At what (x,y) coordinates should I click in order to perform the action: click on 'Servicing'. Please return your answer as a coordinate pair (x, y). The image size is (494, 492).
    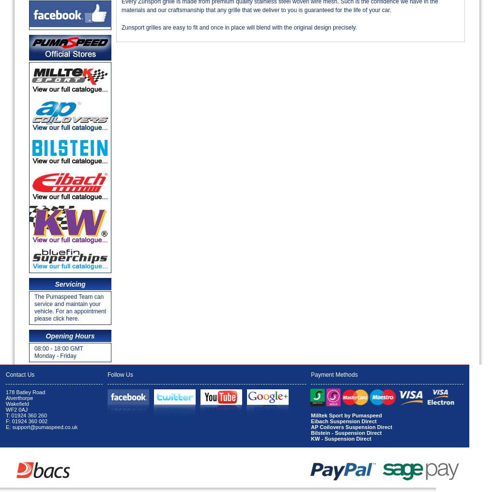
    Looking at the image, I should click on (70, 284).